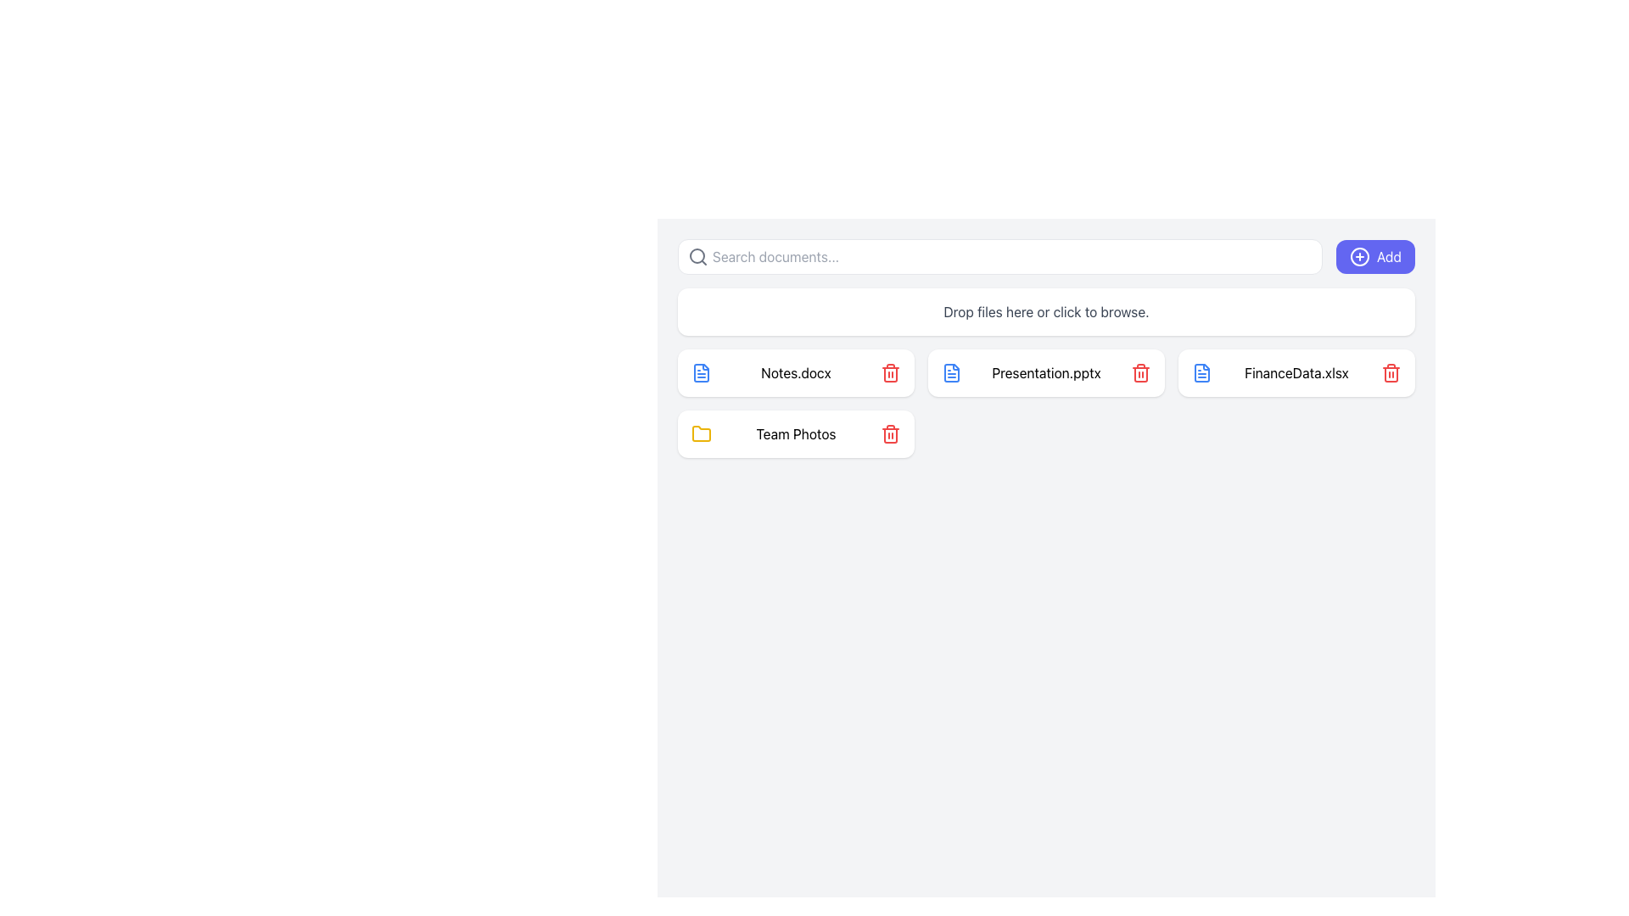  Describe the element at coordinates (795, 433) in the screenshot. I see `the folder named 'Team Photos' located in the lower-left section of the file grid, specifically under the 'Notes.docx' file card` at that location.